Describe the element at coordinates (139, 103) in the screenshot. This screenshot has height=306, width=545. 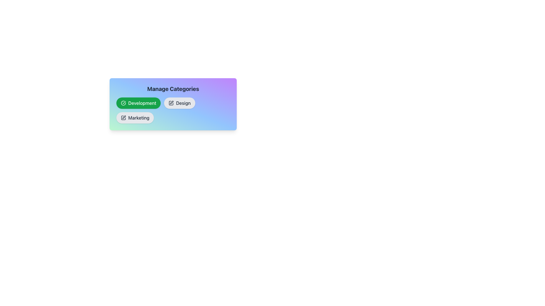
I see `the green rounded rectangle button labeled 'Development' with a checkmark icon` at that location.